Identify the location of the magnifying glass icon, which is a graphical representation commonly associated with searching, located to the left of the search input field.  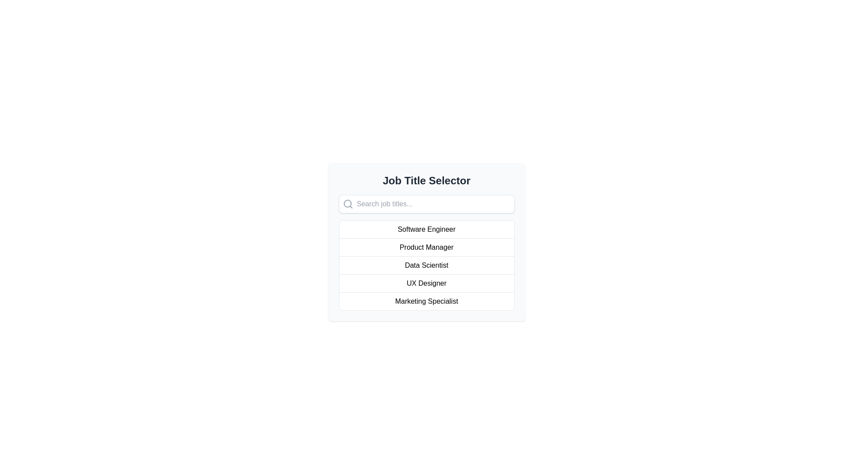
(347, 203).